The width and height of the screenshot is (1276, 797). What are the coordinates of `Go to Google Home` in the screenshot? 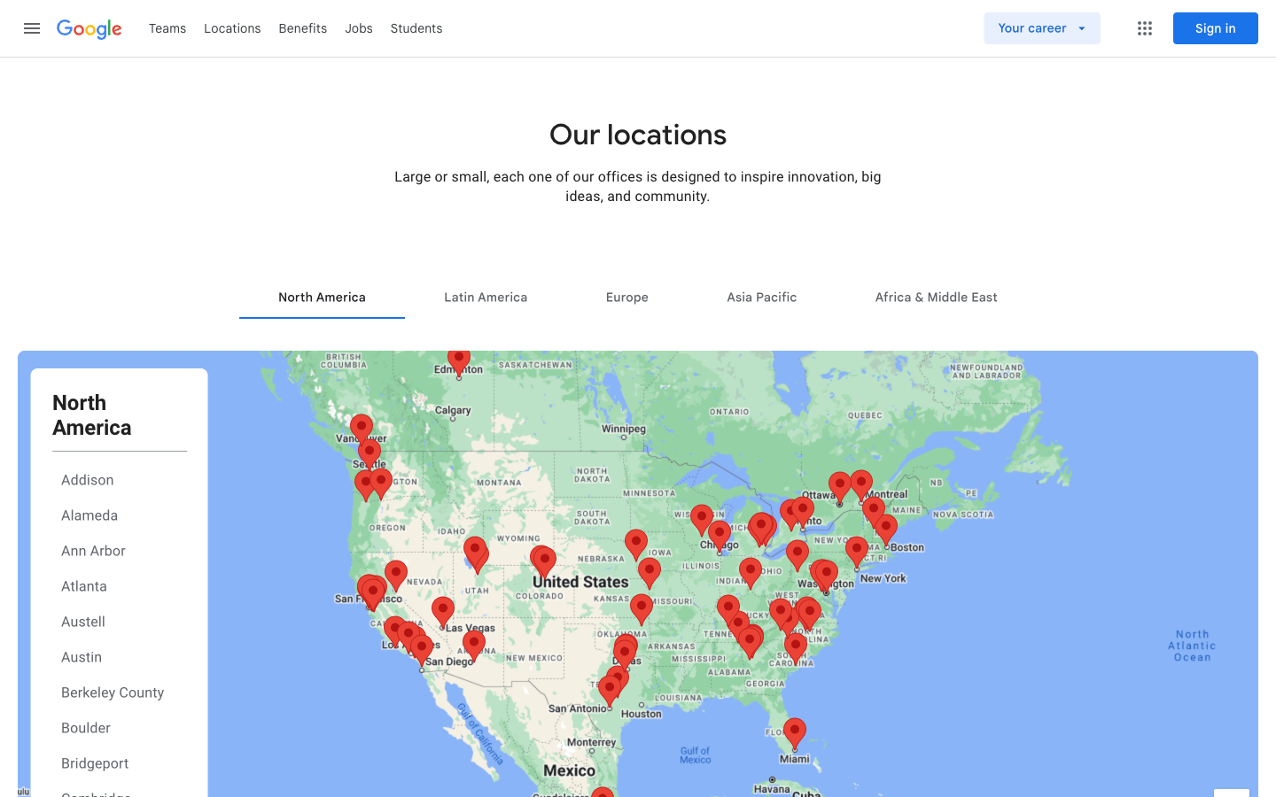 It's located at (89, 29).